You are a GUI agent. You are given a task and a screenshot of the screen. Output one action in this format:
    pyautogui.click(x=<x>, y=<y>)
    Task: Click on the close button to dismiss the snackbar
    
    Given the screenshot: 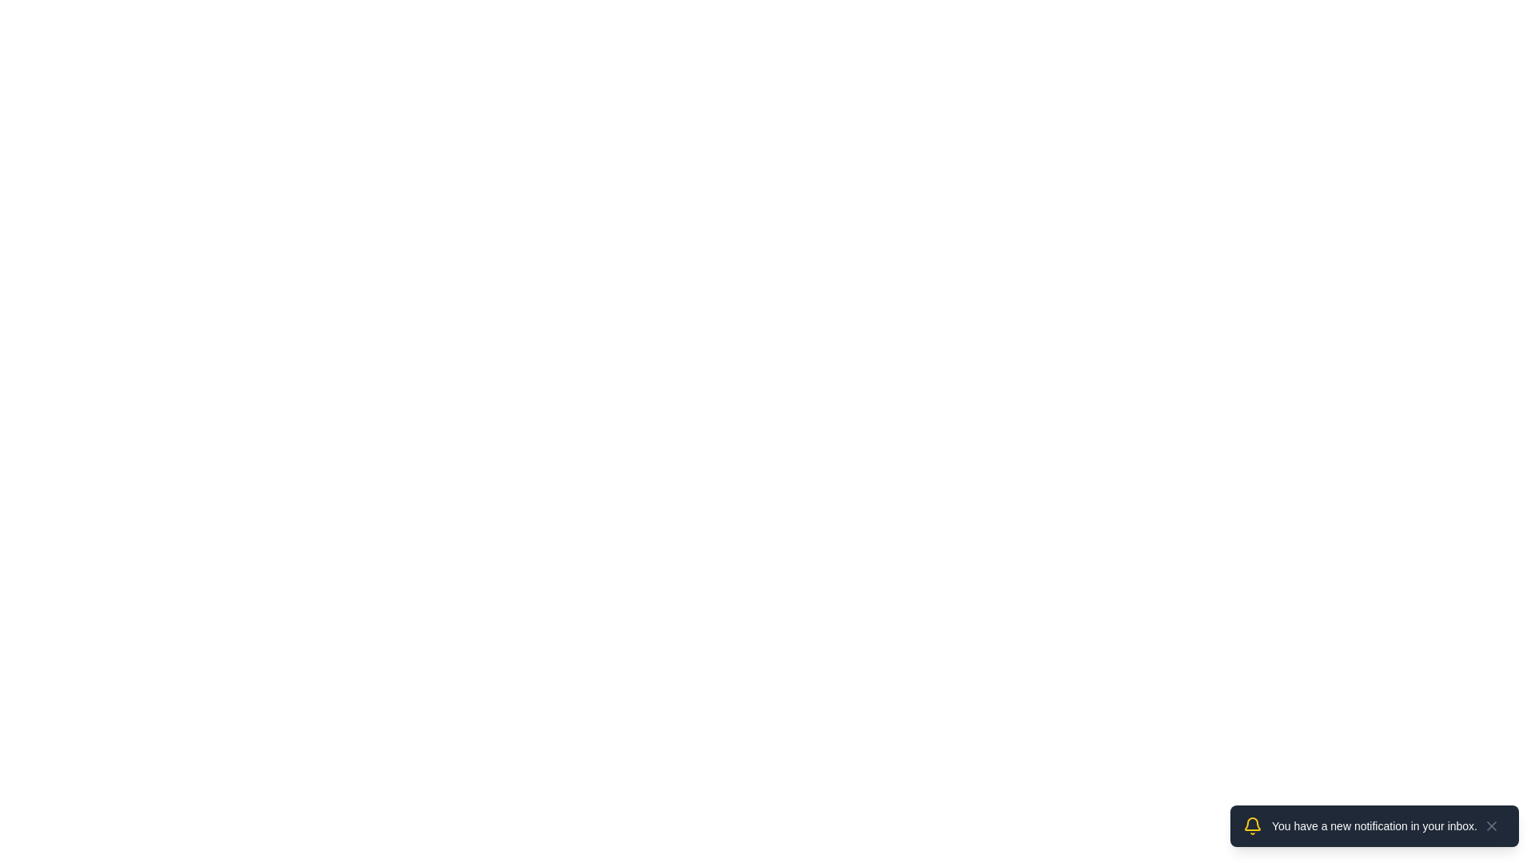 What is the action you would take?
    pyautogui.click(x=1491, y=825)
    